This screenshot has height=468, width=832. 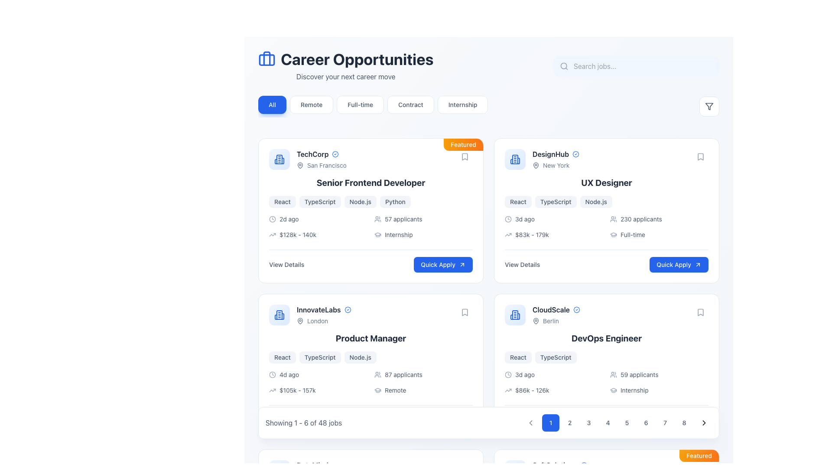 I want to click on the text label indicating the geographical location of the 'TechCorp' job opportunity, located below the 'TechCorp' name and next to the map pin icon, so click(x=321, y=165).